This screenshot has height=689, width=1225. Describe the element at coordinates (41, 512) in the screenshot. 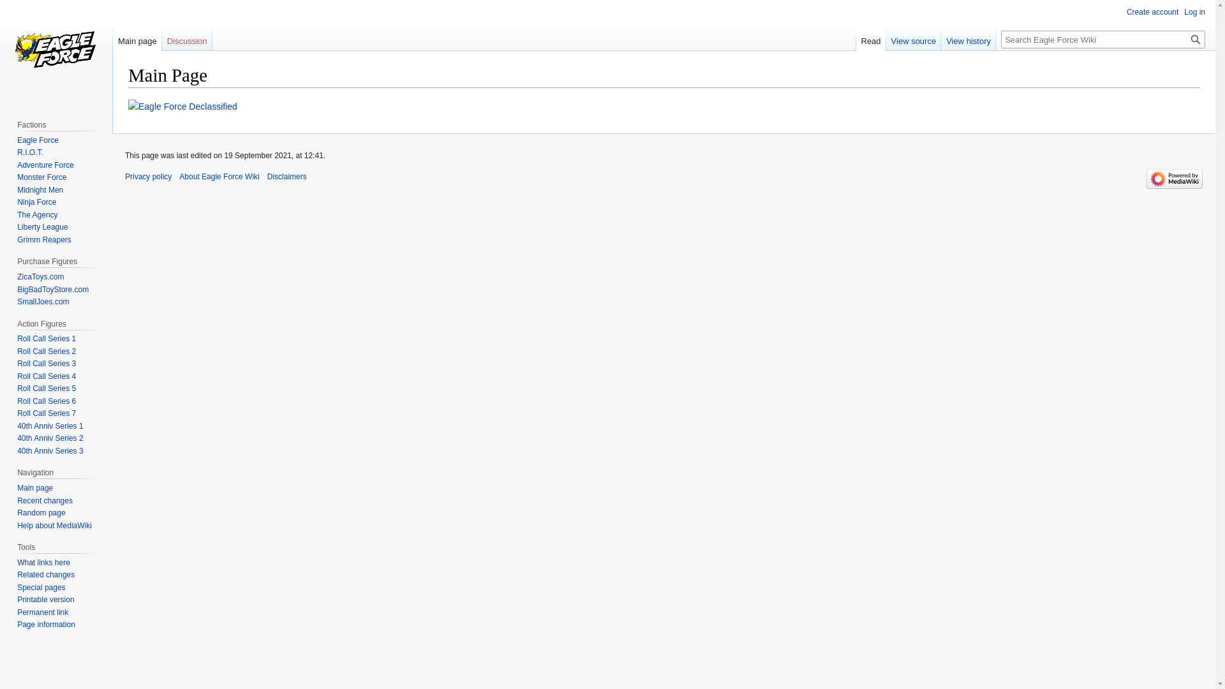

I see `'Random page'` at that location.